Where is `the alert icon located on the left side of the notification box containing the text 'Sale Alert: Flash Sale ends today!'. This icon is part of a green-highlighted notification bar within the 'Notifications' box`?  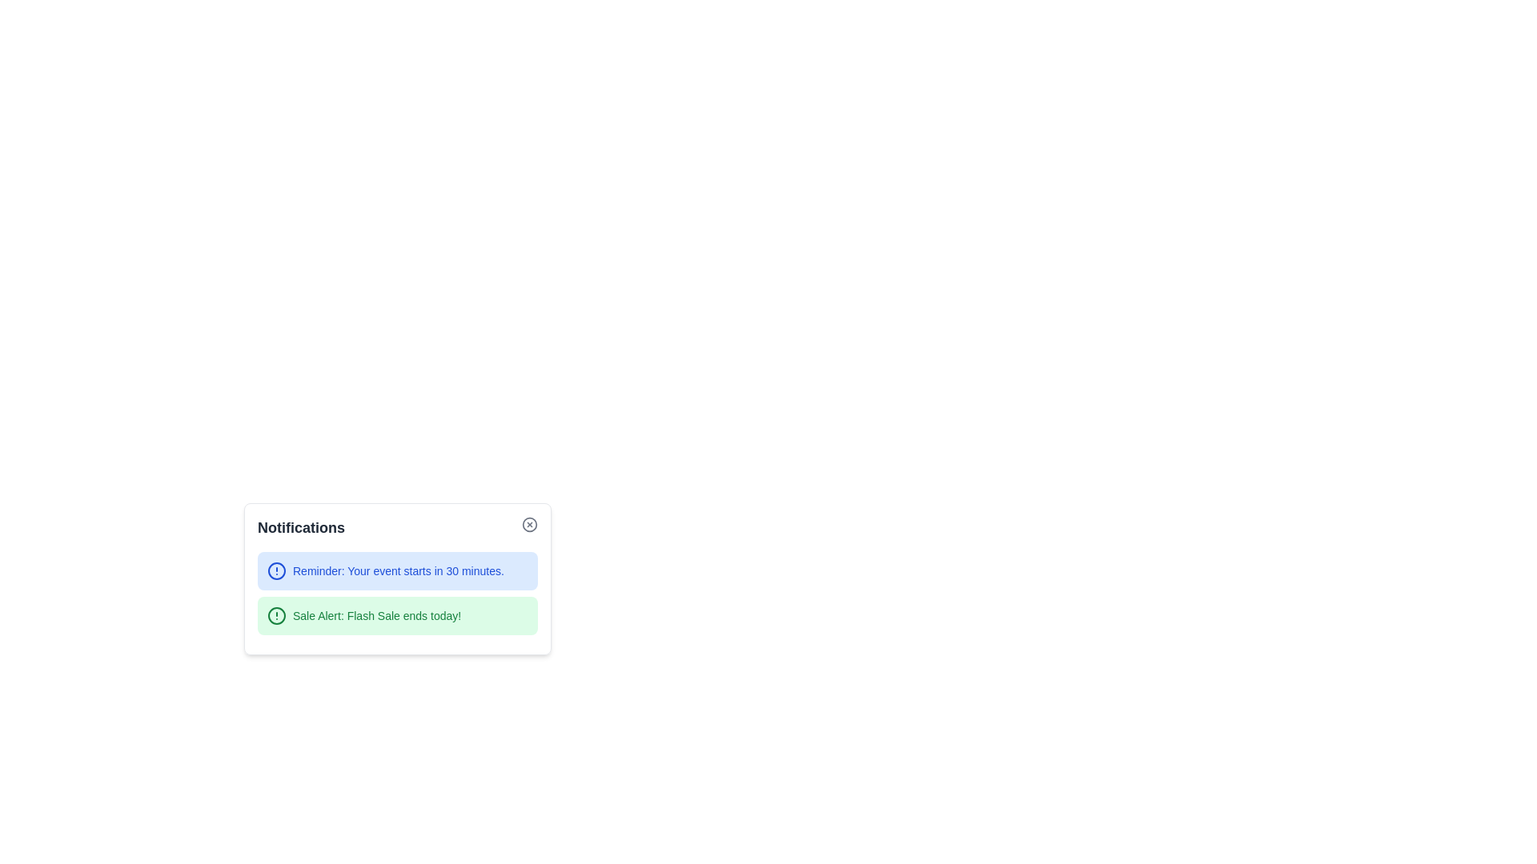 the alert icon located on the left side of the notification box containing the text 'Sale Alert: Flash Sale ends today!'. This icon is part of a green-highlighted notification bar within the 'Notifications' box is located at coordinates (276, 615).